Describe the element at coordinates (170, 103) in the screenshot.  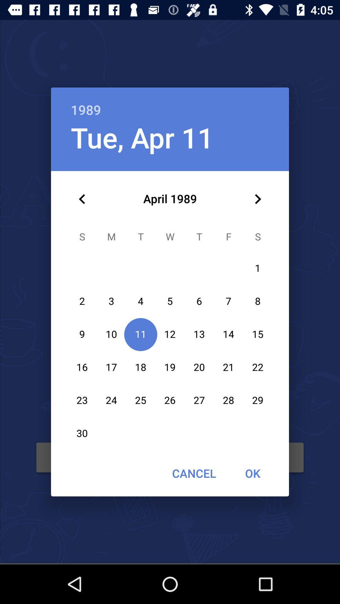
I see `the item above tue, apr 11` at that location.